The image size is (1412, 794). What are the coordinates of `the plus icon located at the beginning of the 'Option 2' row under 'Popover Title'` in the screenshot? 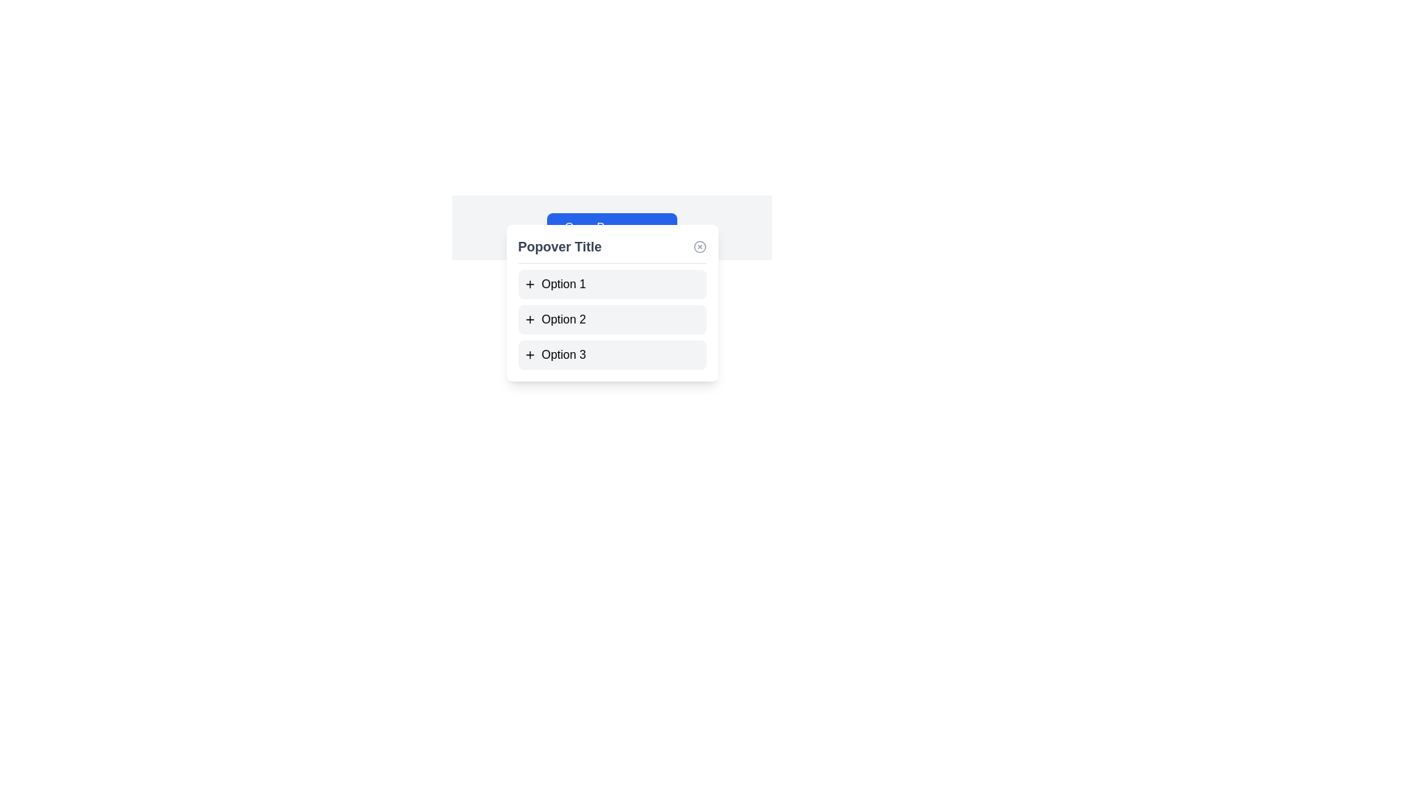 It's located at (529, 319).